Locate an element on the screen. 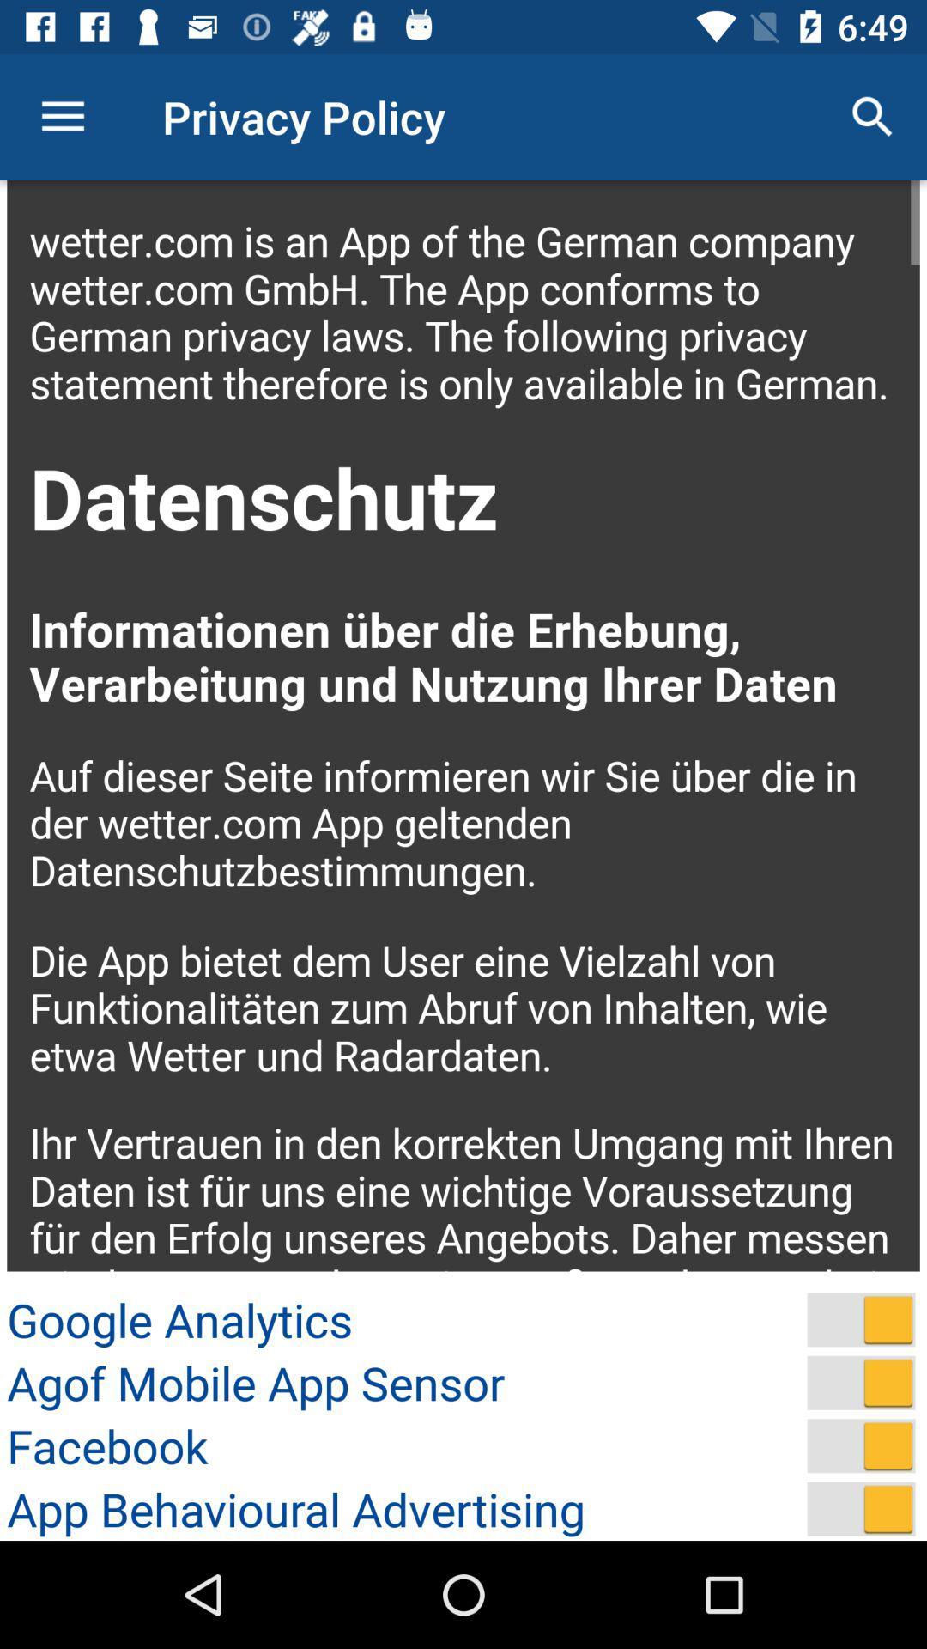 The image size is (927, 1649). turn on agof mobile app sensor is located at coordinates (861, 1383).